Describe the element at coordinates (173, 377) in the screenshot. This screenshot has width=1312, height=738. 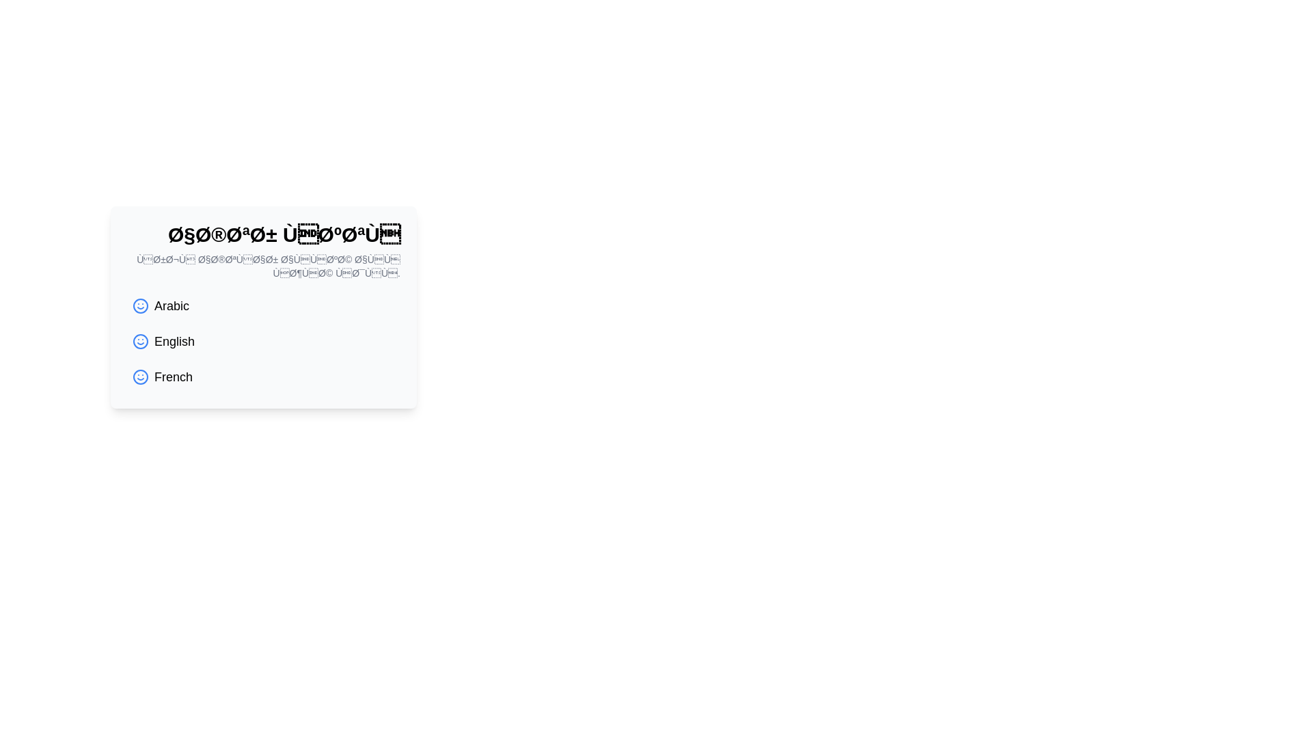
I see `label text displaying 'French' which is styled with a medium-sized bold font, located below the 'English' option in a vertical selection list` at that location.